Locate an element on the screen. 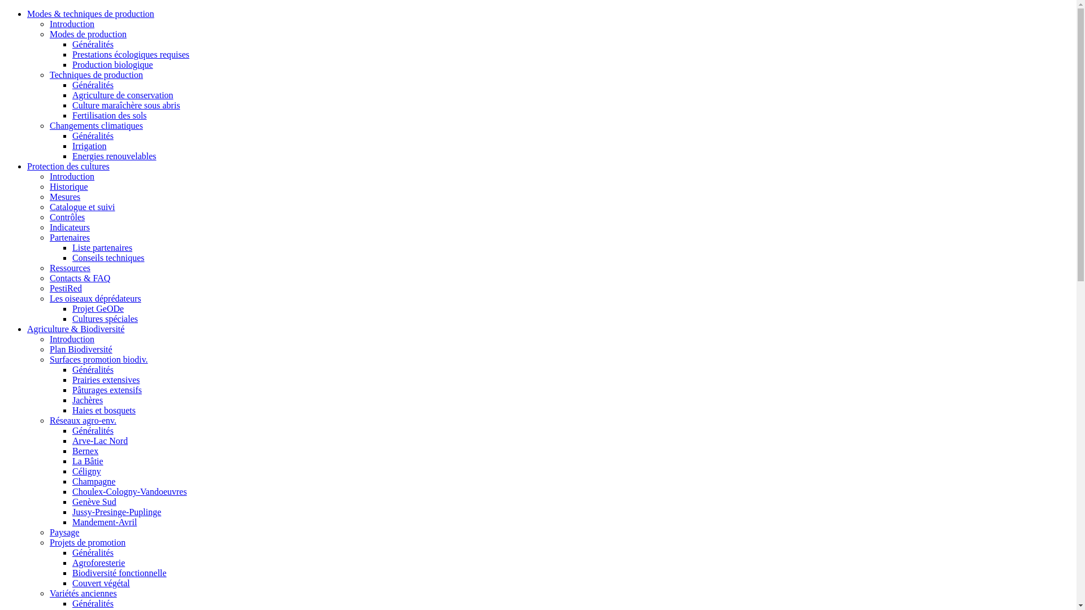 The width and height of the screenshot is (1085, 610). 'Champagne' is located at coordinates (94, 481).